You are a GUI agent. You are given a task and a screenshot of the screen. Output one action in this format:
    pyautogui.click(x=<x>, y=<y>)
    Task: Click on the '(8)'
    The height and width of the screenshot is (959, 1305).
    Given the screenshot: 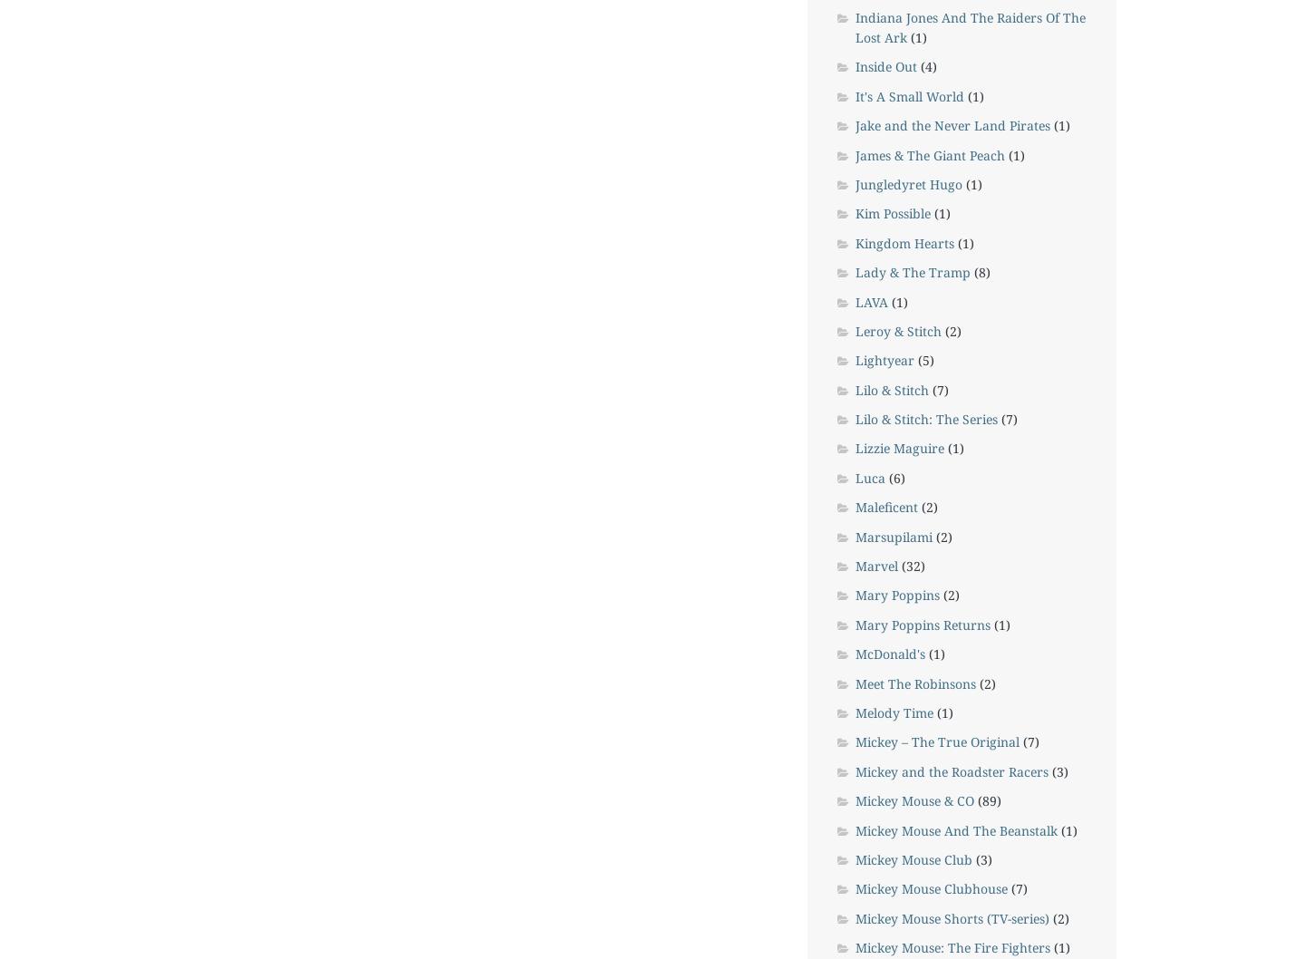 What is the action you would take?
    pyautogui.click(x=979, y=271)
    